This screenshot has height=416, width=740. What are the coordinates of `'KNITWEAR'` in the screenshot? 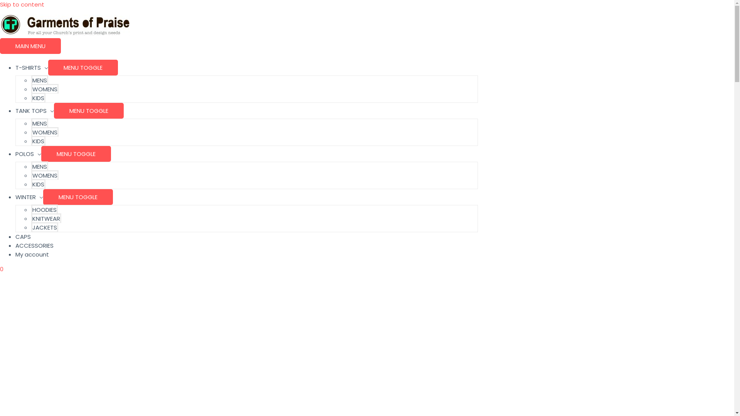 It's located at (46, 218).